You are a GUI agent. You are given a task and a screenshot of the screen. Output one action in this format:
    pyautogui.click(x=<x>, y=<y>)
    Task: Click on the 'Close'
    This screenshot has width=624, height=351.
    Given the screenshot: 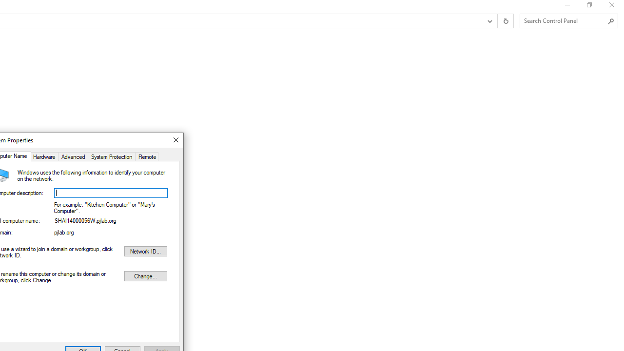 What is the action you would take?
    pyautogui.click(x=175, y=140)
    